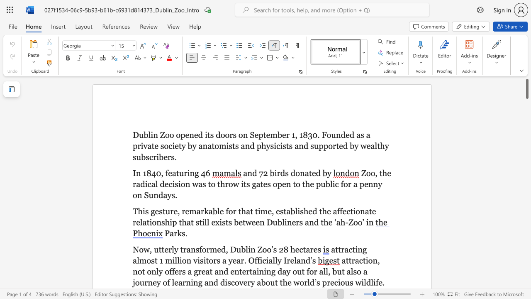  I want to click on the 1th character "u" in the text, so click(181, 172).